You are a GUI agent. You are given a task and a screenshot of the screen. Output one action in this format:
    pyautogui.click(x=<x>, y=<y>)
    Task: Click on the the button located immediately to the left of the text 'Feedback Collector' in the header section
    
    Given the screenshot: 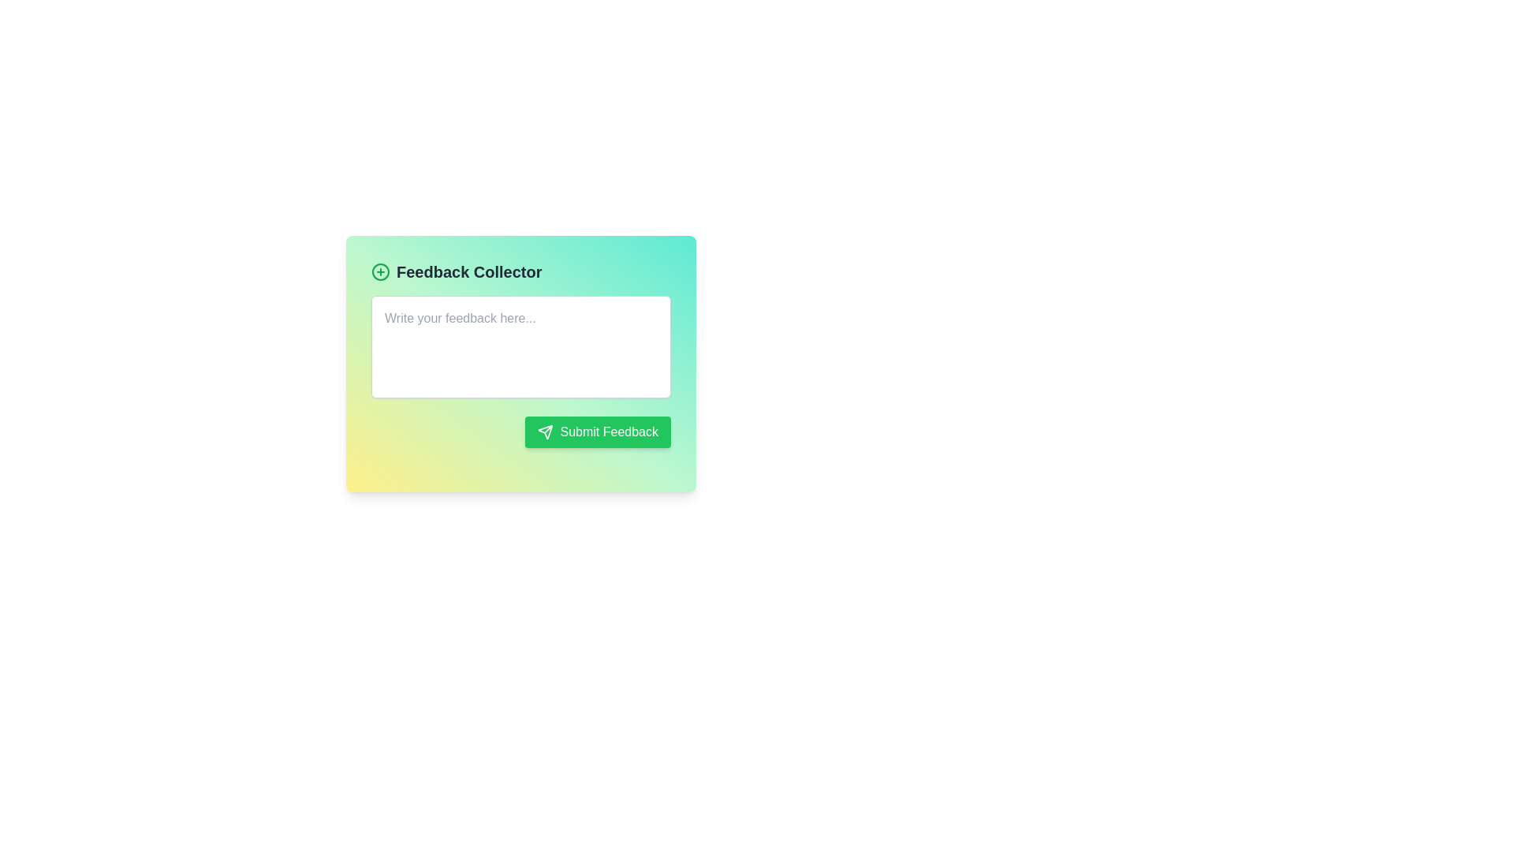 What is the action you would take?
    pyautogui.click(x=381, y=271)
    